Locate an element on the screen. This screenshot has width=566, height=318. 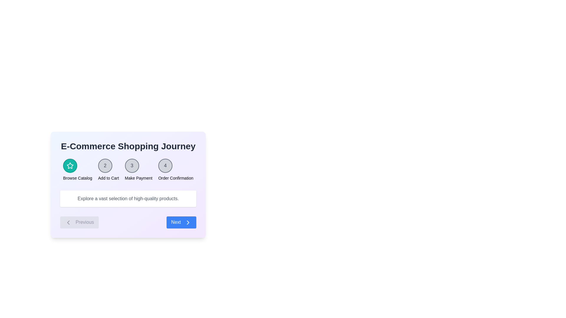
the step indicator for the e-commerce shopping journey is located at coordinates (128, 170).